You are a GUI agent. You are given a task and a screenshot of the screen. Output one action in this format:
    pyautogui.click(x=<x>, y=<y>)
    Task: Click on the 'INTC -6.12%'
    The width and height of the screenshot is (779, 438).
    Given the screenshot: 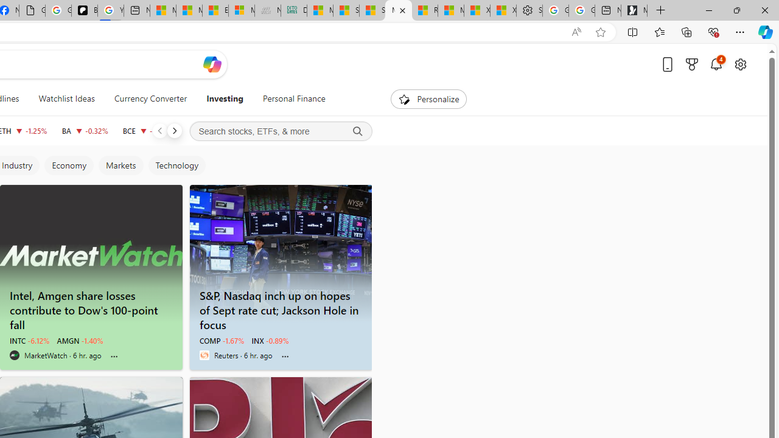 What is the action you would take?
    pyautogui.click(x=29, y=341)
    